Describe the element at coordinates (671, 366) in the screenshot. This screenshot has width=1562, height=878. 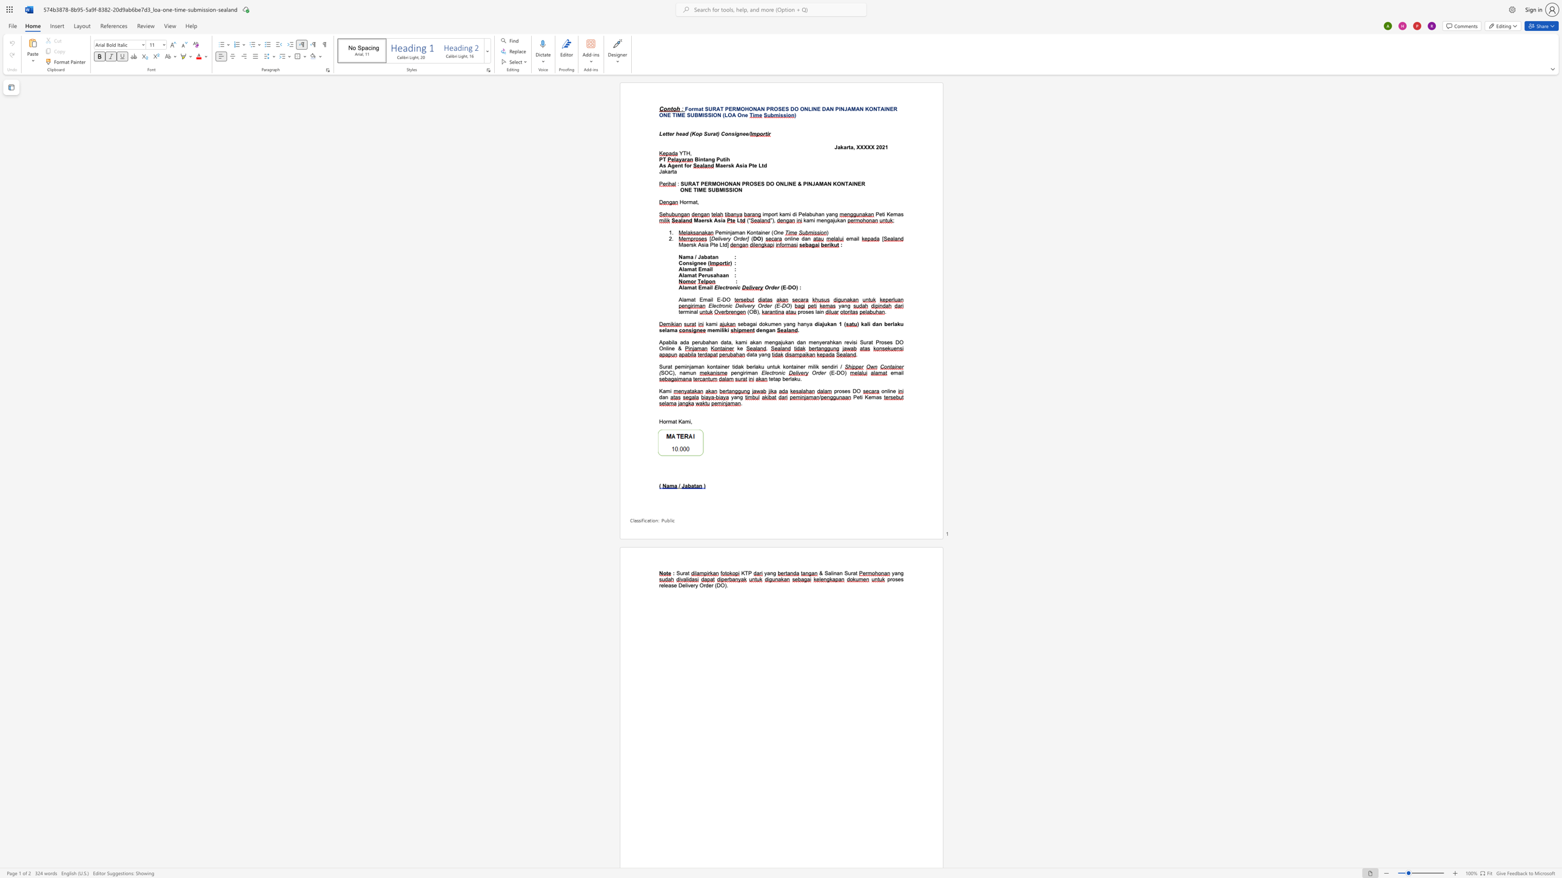
I see `the subset text "t peminjaman kontainer tidak berlaku untuk kontainer milik sendi" within the text "Surat peminjaman kontainer tidak berlaku untuk kontainer milik sendiri /"` at that location.